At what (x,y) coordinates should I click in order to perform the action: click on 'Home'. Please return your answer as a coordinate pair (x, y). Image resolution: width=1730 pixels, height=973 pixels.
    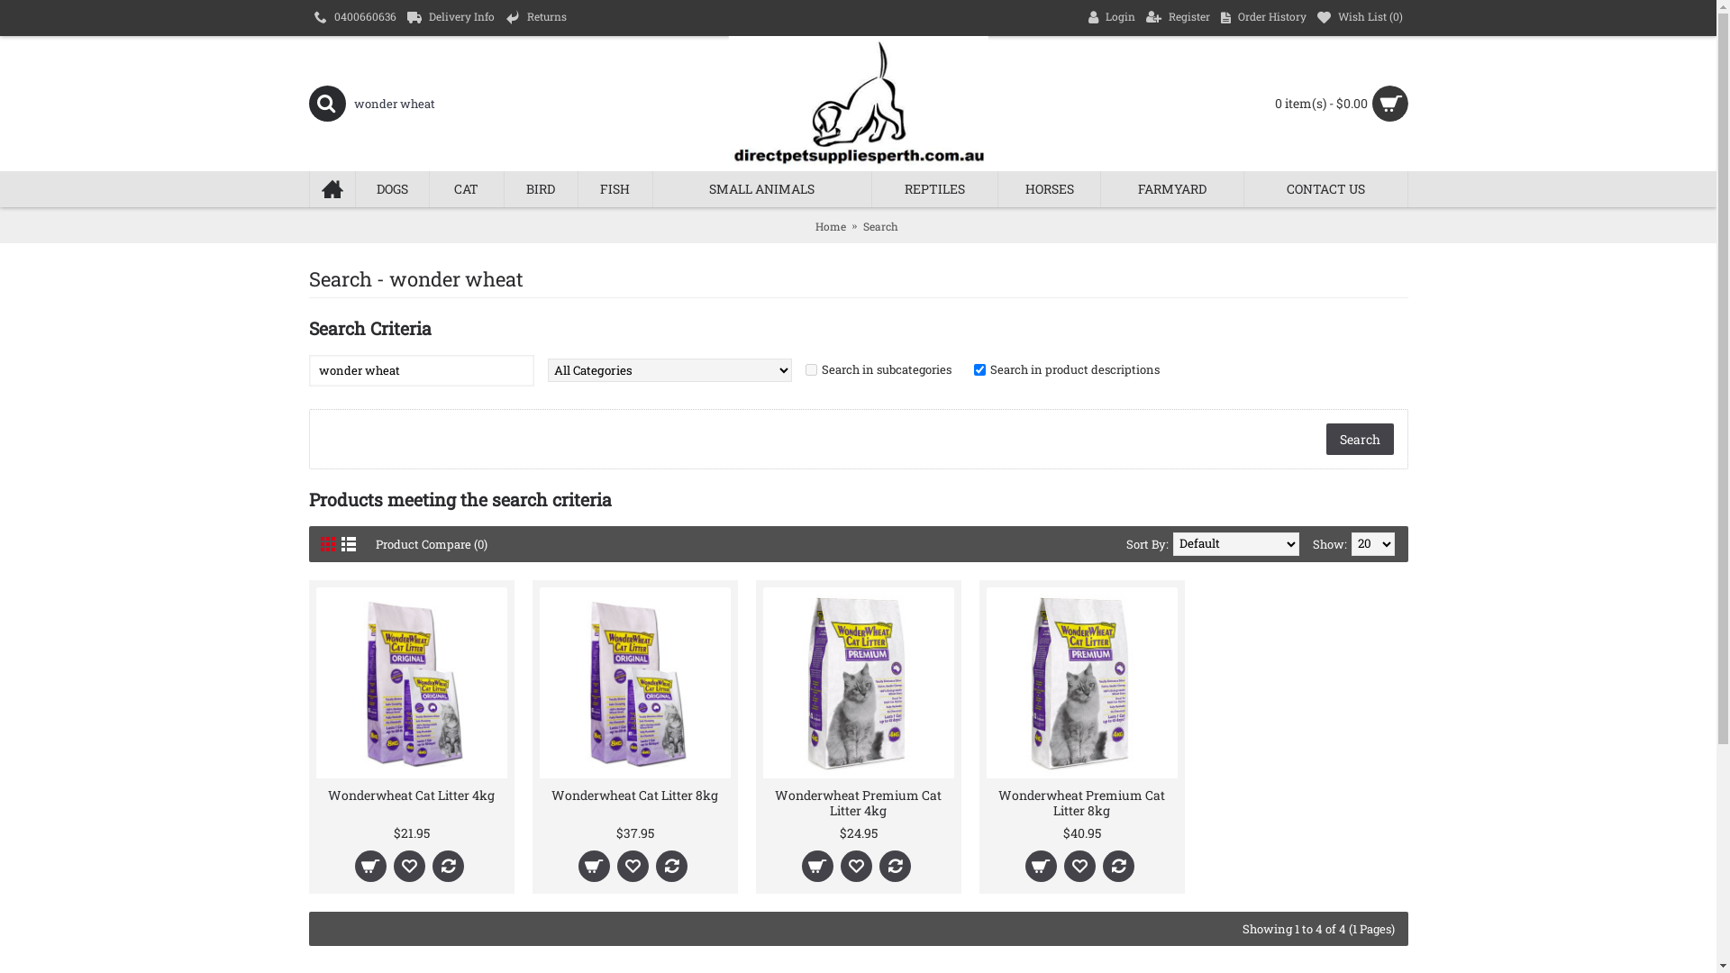
    Looking at the image, I should click on (813, 224).